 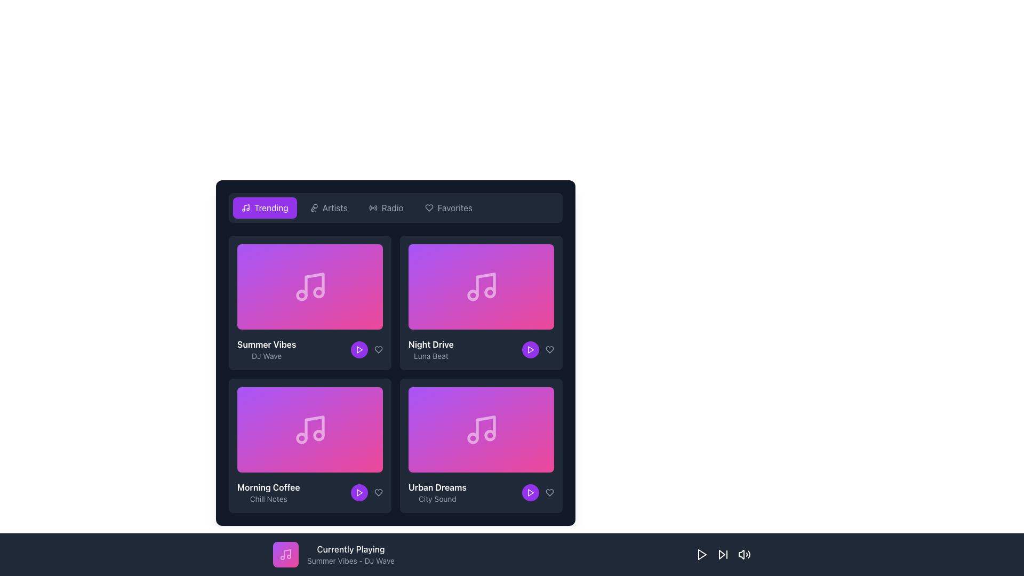 What do you see at coordinates (359, 493) in the screenshot?
I see `the circular purple button with a play icon in the bottom-right corner of the 'Morning Coffee - Chill Notes' card` at bounding box center [359, 493].